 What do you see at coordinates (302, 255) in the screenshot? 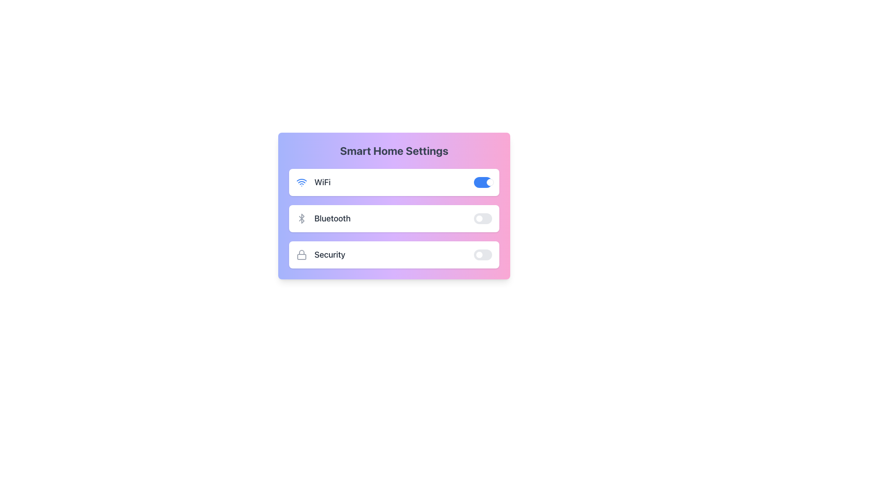
I see `the security icon located to the left of the 'Security' text in the third row of the 'Smart Home Settings' interface` at bounding box center [302, 255].